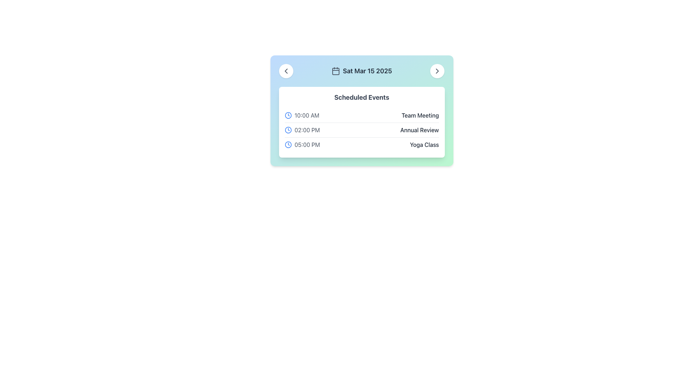 The width and height of the screenshot is (686, 386). Describe the element at coordinates (362, 130) in the screenshot. I see `the scheduled event list item titled 'Annual Review' which is located in the second row and shows the time '02:00 PM'` at that location.